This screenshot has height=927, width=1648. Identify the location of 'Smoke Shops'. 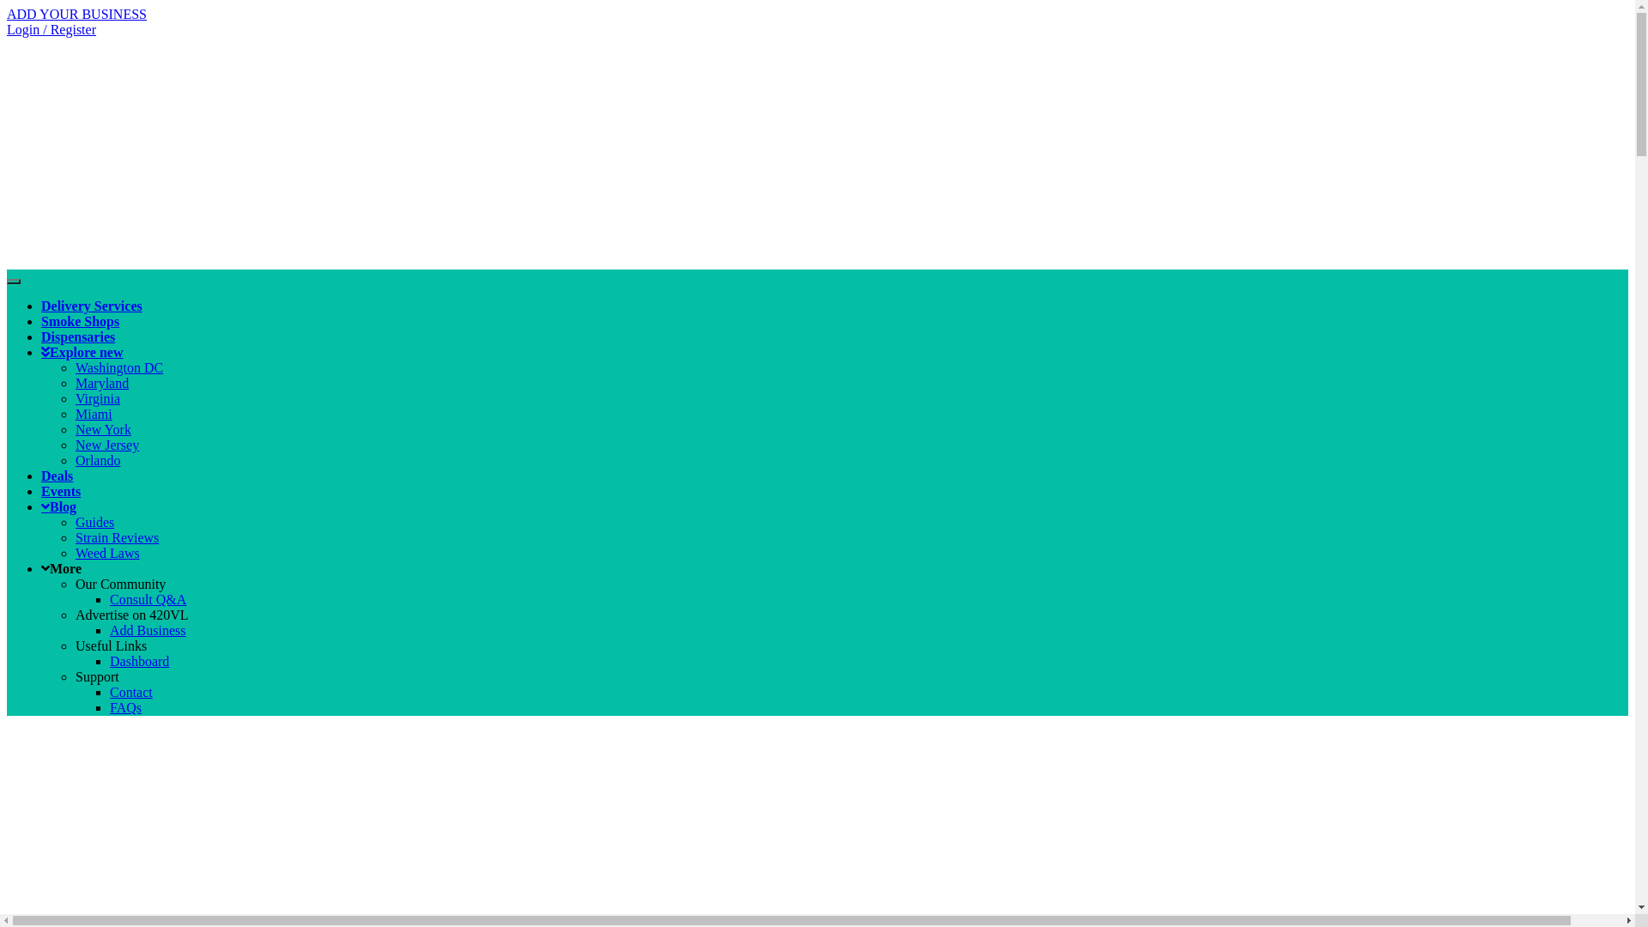
(79, 321).